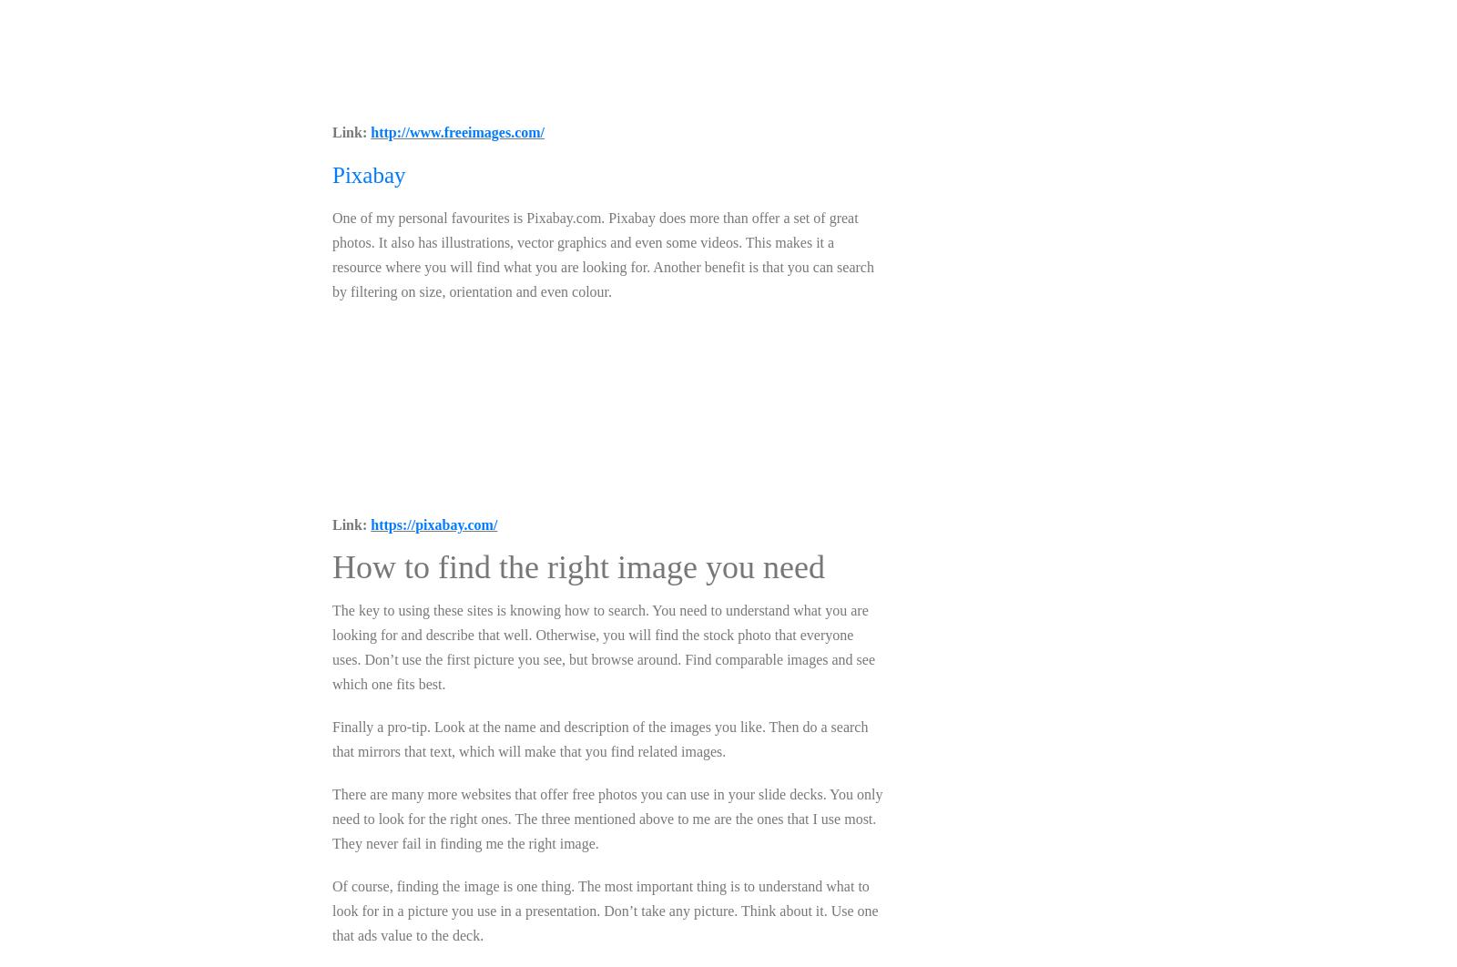 This screenshot has width=1457, height=967. What do you see at coordinates (578, 566) in the screenshot?
I see `'How to find the right image you need'` at bounding box center [578, 566].